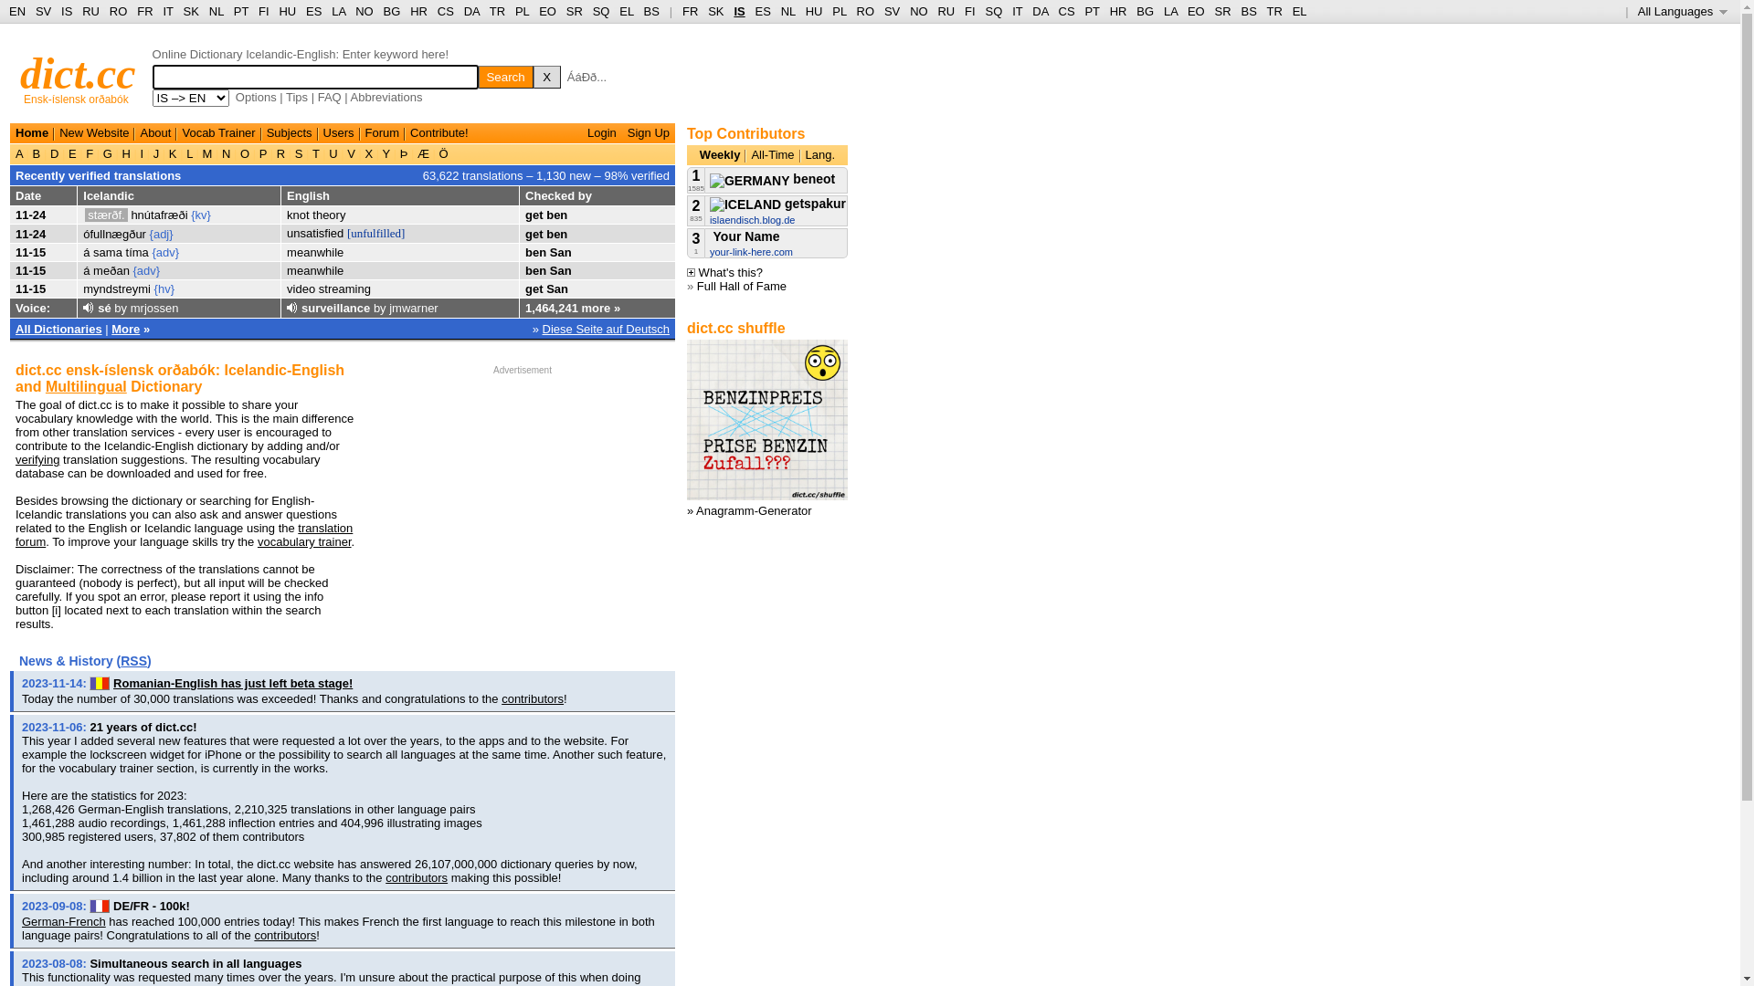 This screenshot has height=986, width=1754. Describe the element at coordinates (66, 11) in the screenshot. I see `'IS'` at that location.